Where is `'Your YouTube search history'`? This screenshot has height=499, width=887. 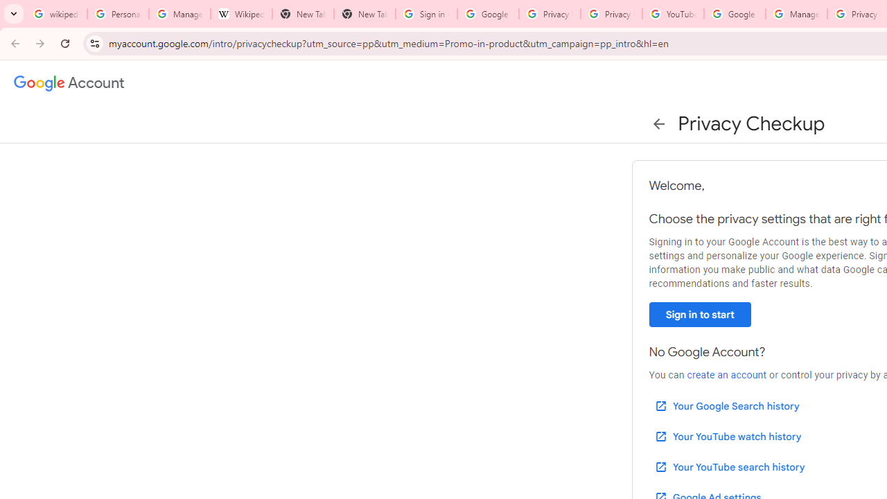
'Your YouTube search history' is located at coordinates (728, 466).